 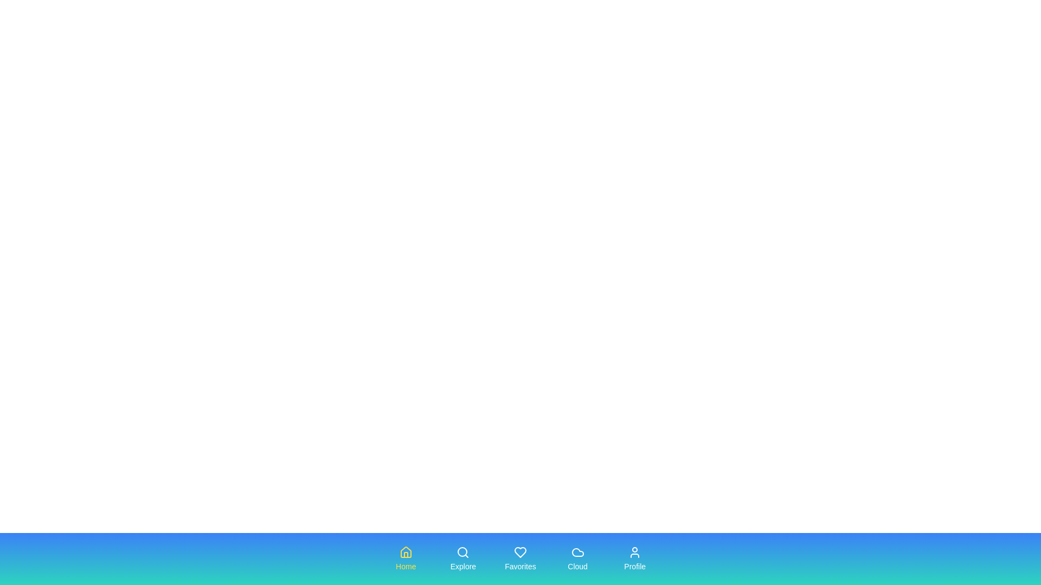 What do you see at coordinates (635, 559) in the screenshot?
I see `the tab labeled Profile to observe its hover effect` at bounding box center [635, 559].